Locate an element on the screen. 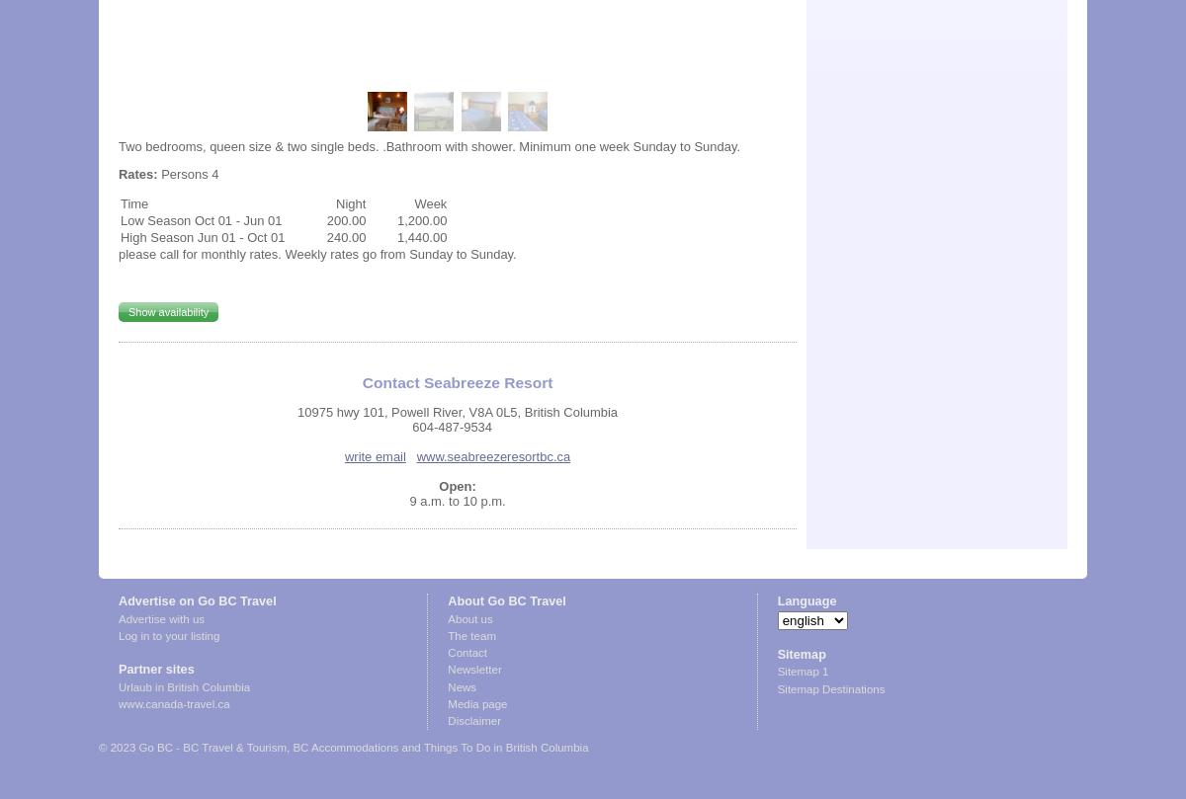 This screenshot has width=1186, height=799. 'Urlaub in British Columbia' is located at coordinates (183, 685).